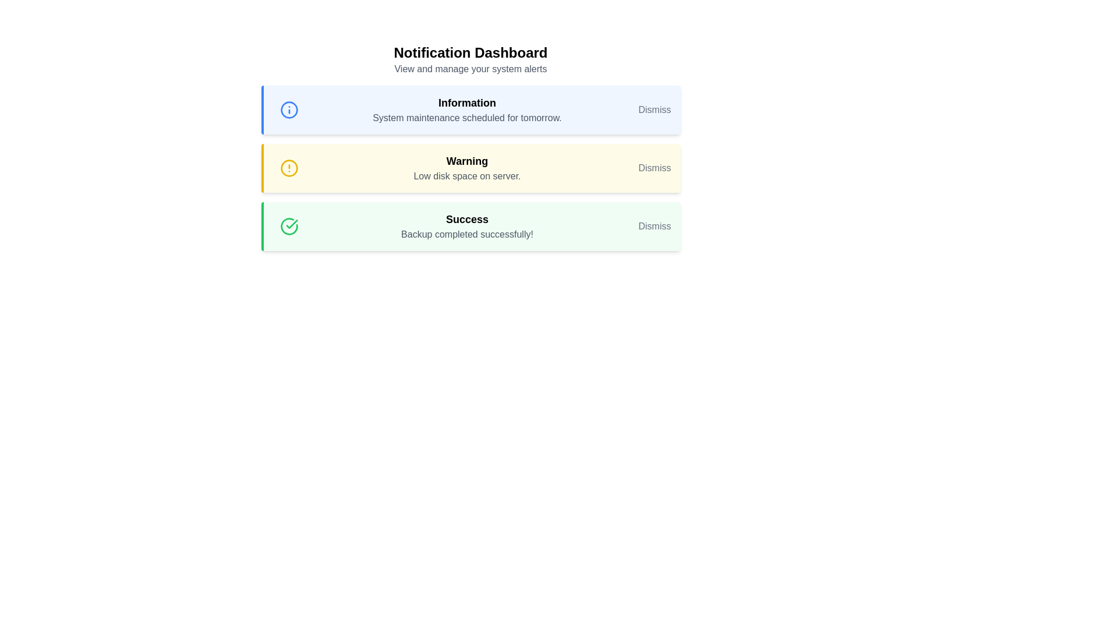 Image resolution: width=1118 pixels, height=629 pixels. What do you see at coordinates (289, 227) in the screenshot?
I see `the green circular checkmark icon indicating success, located in the third notification card labeled 'Success'` at bounding box center [289, 227].